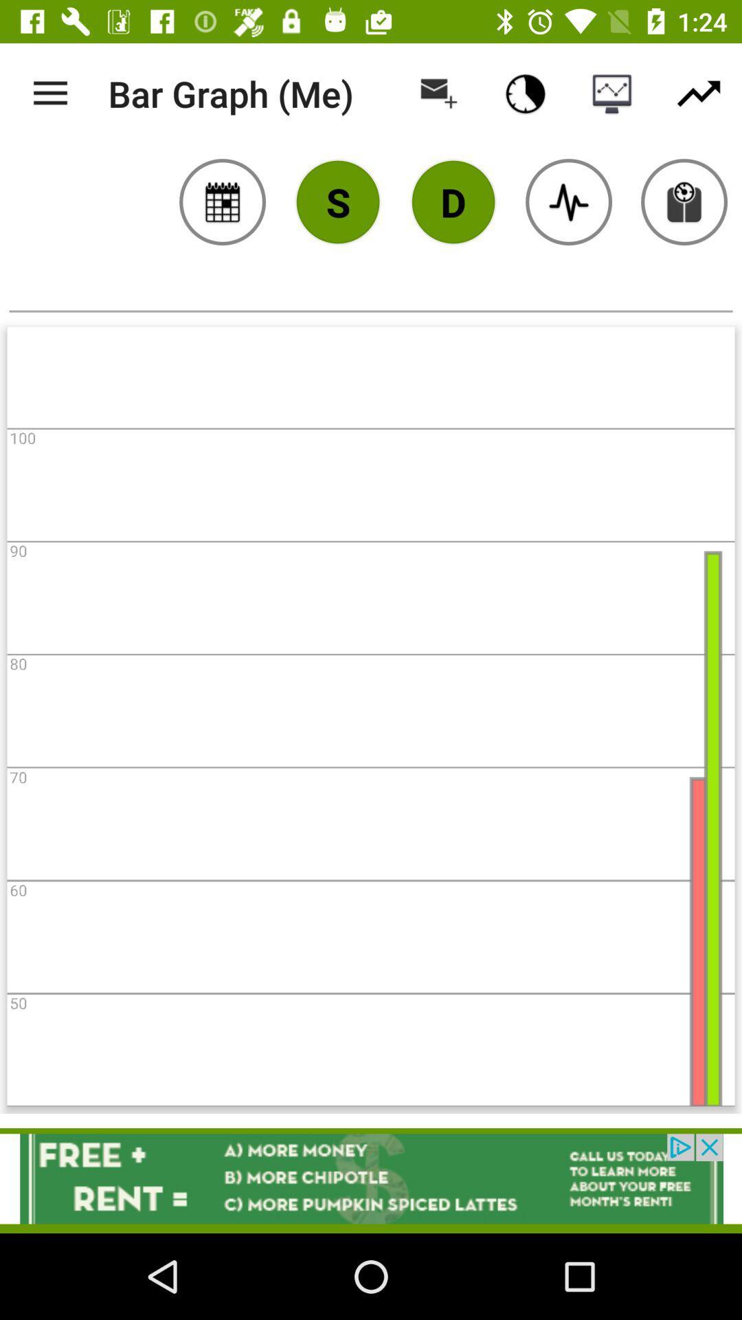  Describe the element at coordinates (222, 201) in the screenshot. I see `the date_range icon` at that location.